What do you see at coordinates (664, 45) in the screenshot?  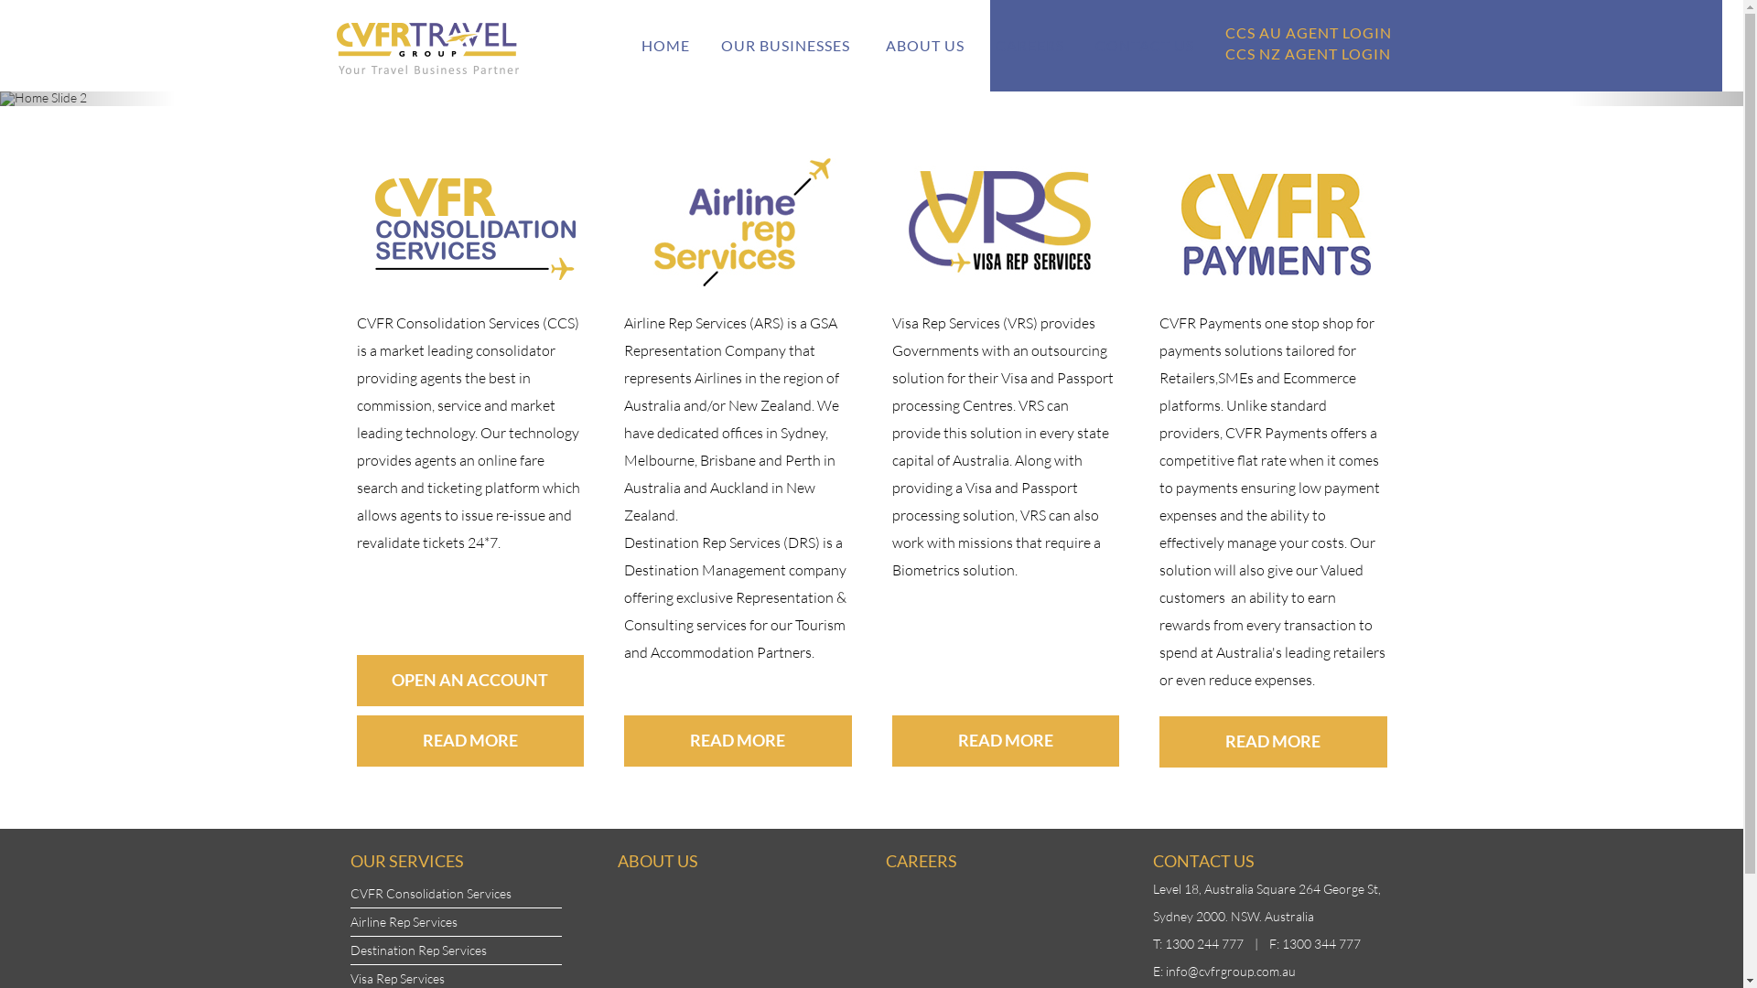 I see `'HOME'` at bounding box center [664, 45].